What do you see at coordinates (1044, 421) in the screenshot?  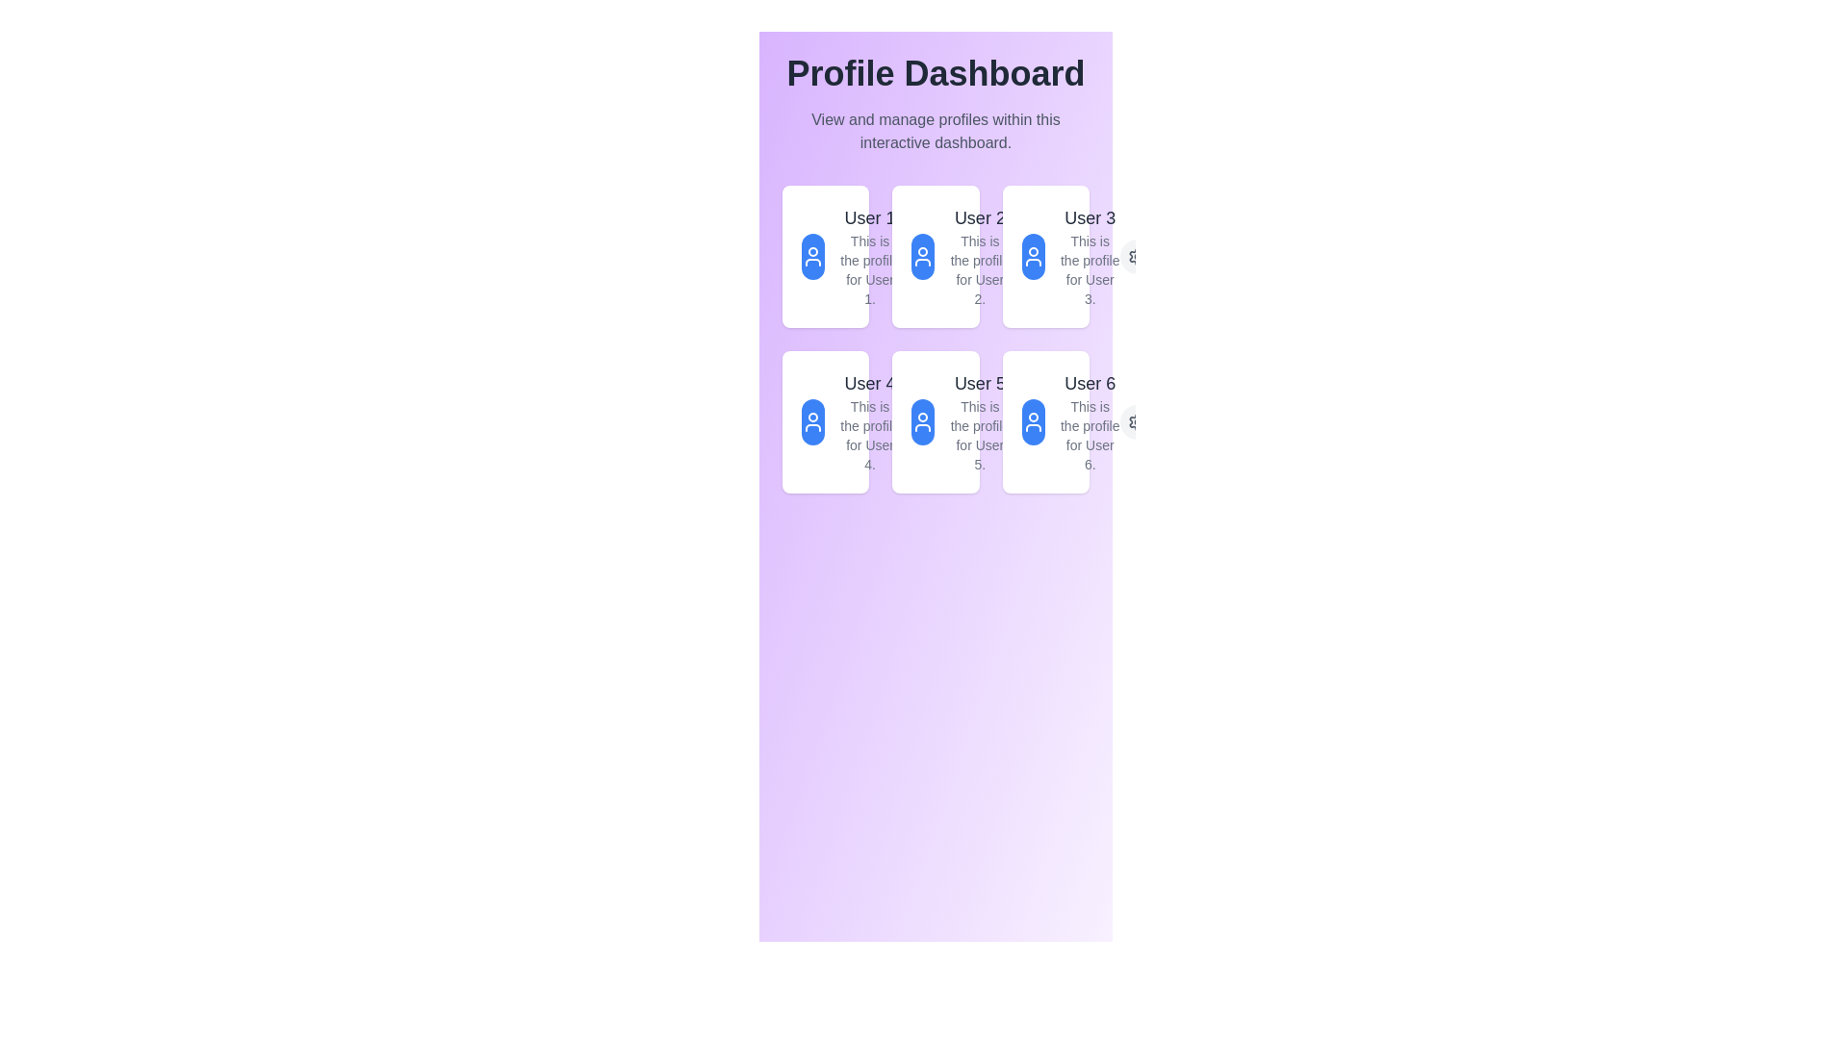 I see `the user profile card displaying information for 'User 6' located in the bottom-right corner of the 'Profile Dashboard' interface` at bounding box center [1044, 421].